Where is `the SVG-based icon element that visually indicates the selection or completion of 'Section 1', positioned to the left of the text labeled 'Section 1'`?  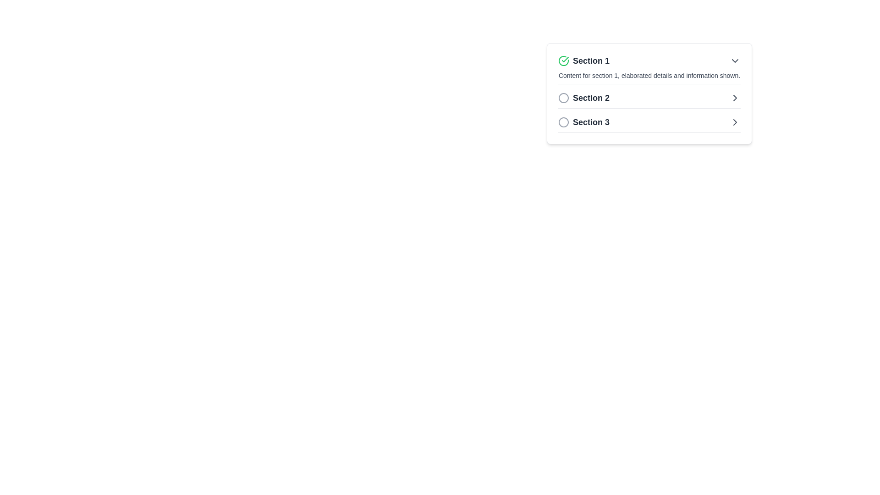 the SVG-based icon element that visually indicates the selection or completion of 'Section 1', positioned to the left of the text labeled 'Section 1' is located at coordinates (563, 60).